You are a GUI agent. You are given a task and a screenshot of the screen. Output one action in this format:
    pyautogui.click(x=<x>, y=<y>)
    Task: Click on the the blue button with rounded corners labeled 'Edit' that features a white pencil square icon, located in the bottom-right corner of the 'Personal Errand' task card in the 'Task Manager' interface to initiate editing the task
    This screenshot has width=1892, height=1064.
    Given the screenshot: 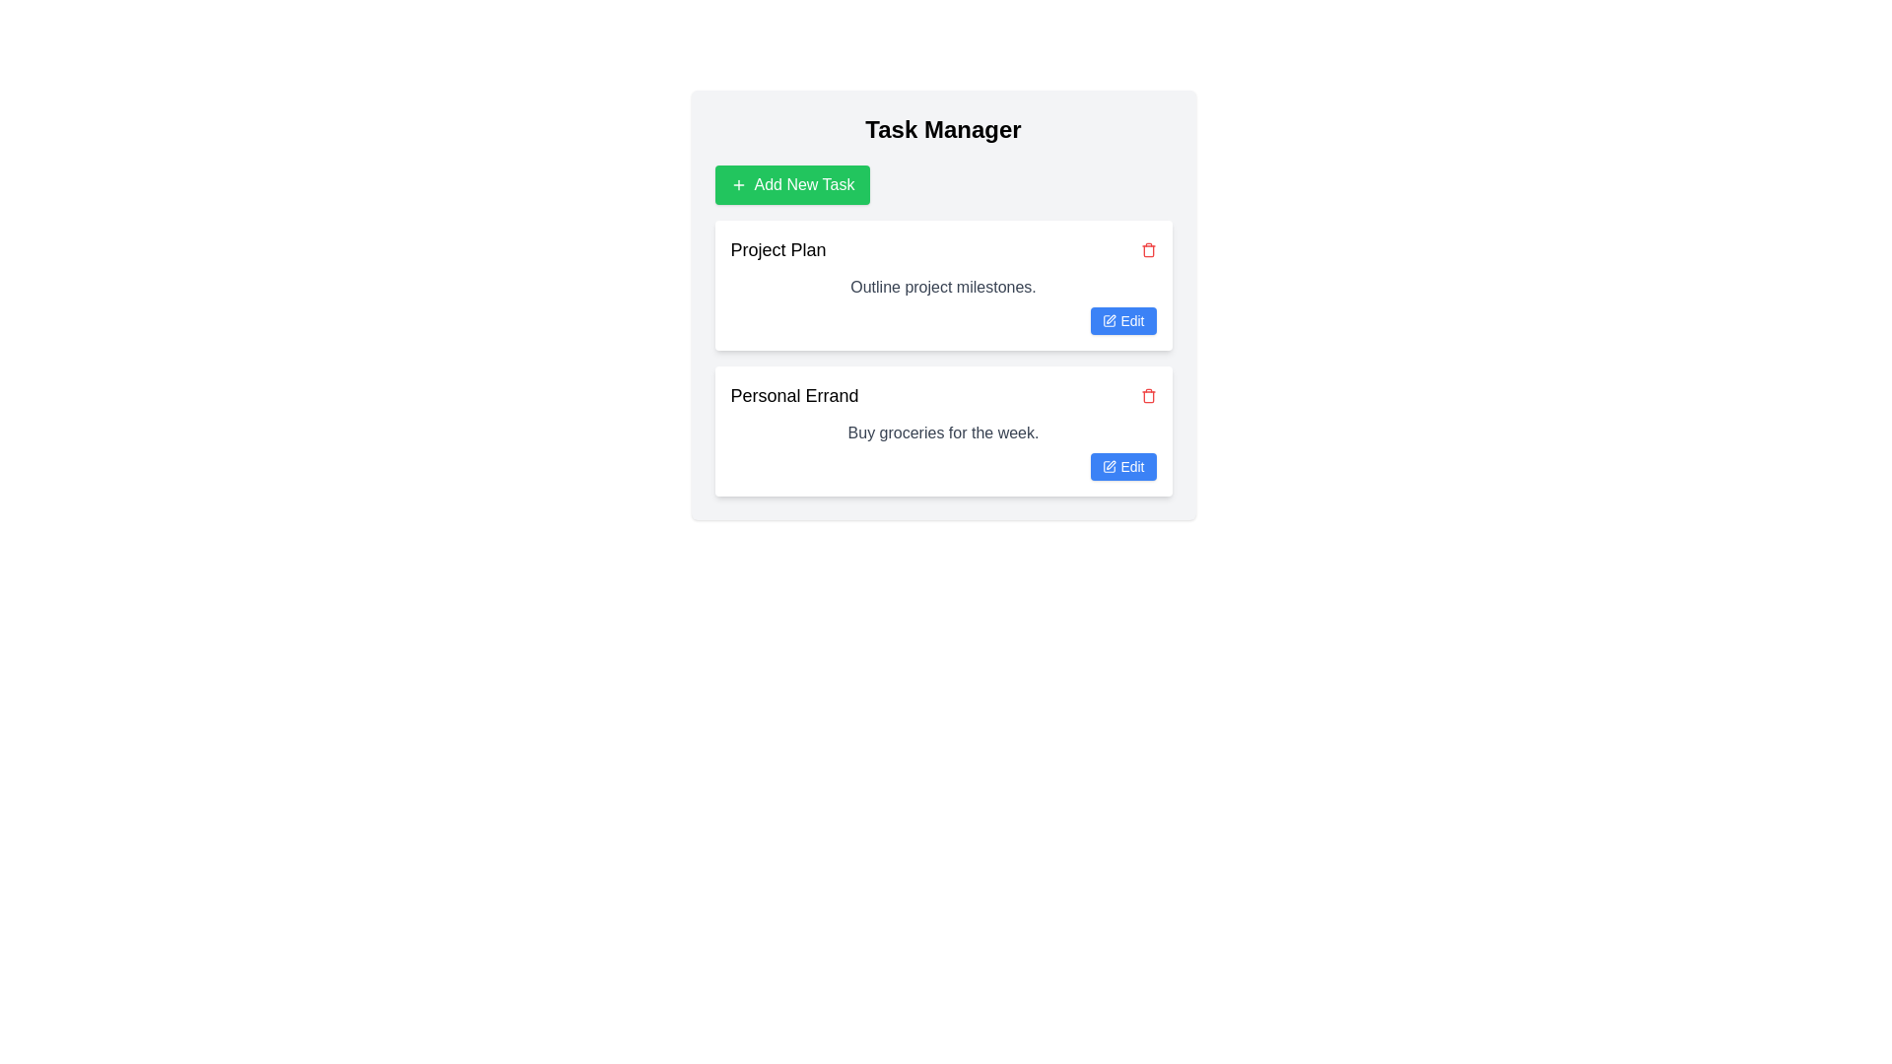 What is the action you would take?
    pyautogui.click(x=1123, y=467)
    